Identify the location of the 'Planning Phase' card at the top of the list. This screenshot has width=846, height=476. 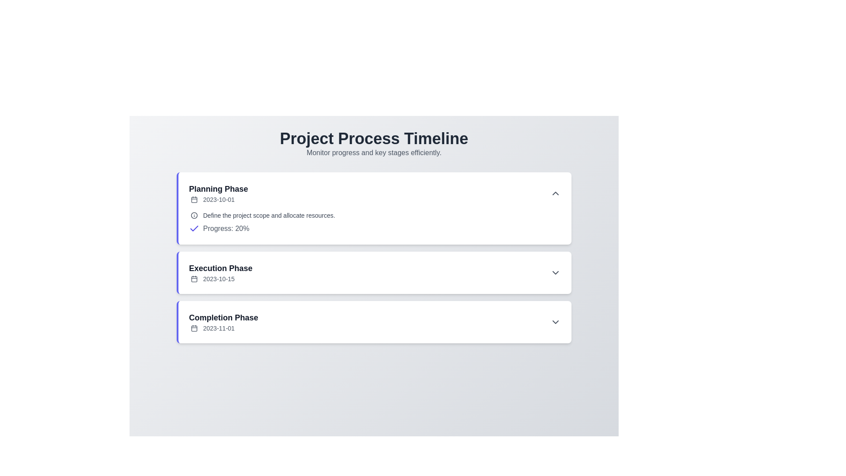
(374, 208).